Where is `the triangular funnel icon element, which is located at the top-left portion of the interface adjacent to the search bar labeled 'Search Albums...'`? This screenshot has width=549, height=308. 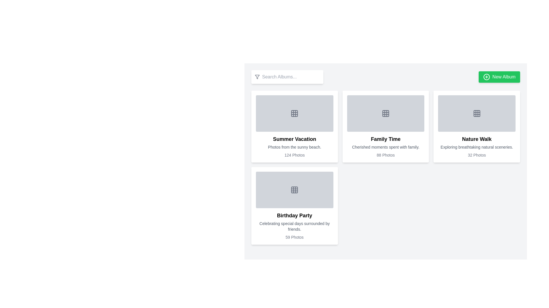
the triangular funnel icon element, which is located at the top-left portion of the interface adjacent to the search bar labeled 'Search Albums...' is located at coordinates (257, 77).